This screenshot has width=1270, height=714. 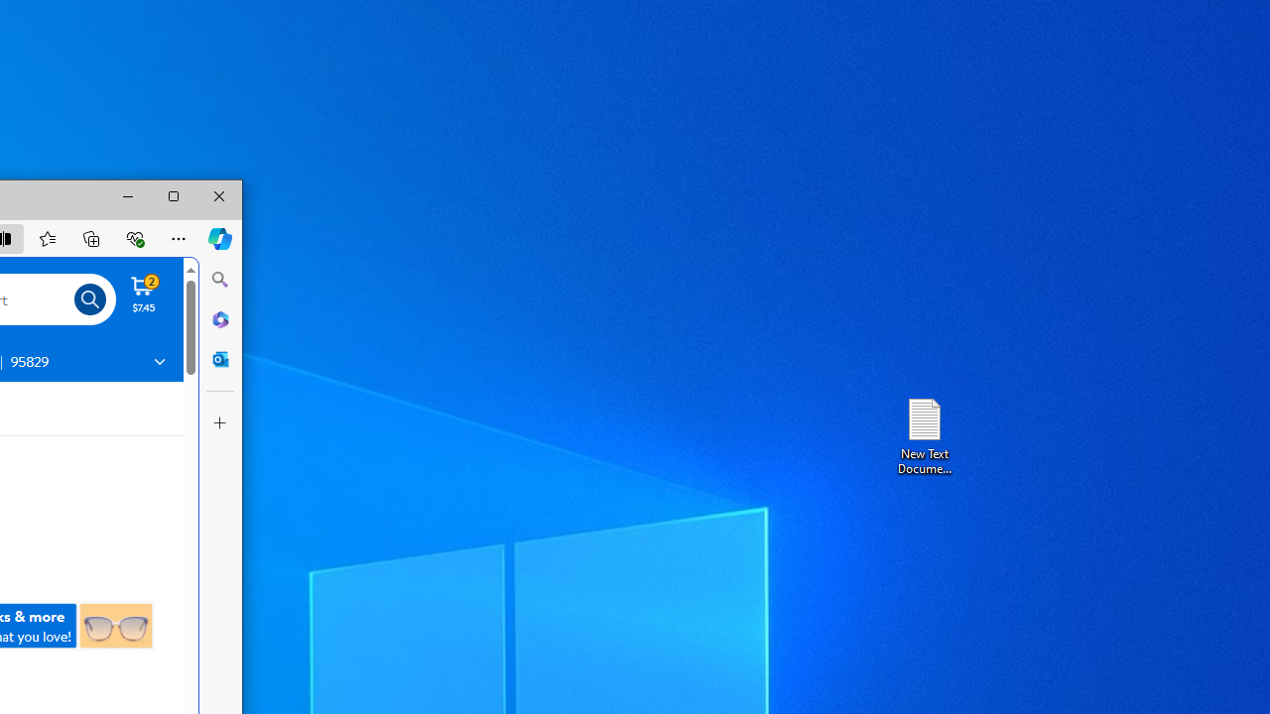 I want to click on 'New Text Document (2)', so click(x=923, y=434).